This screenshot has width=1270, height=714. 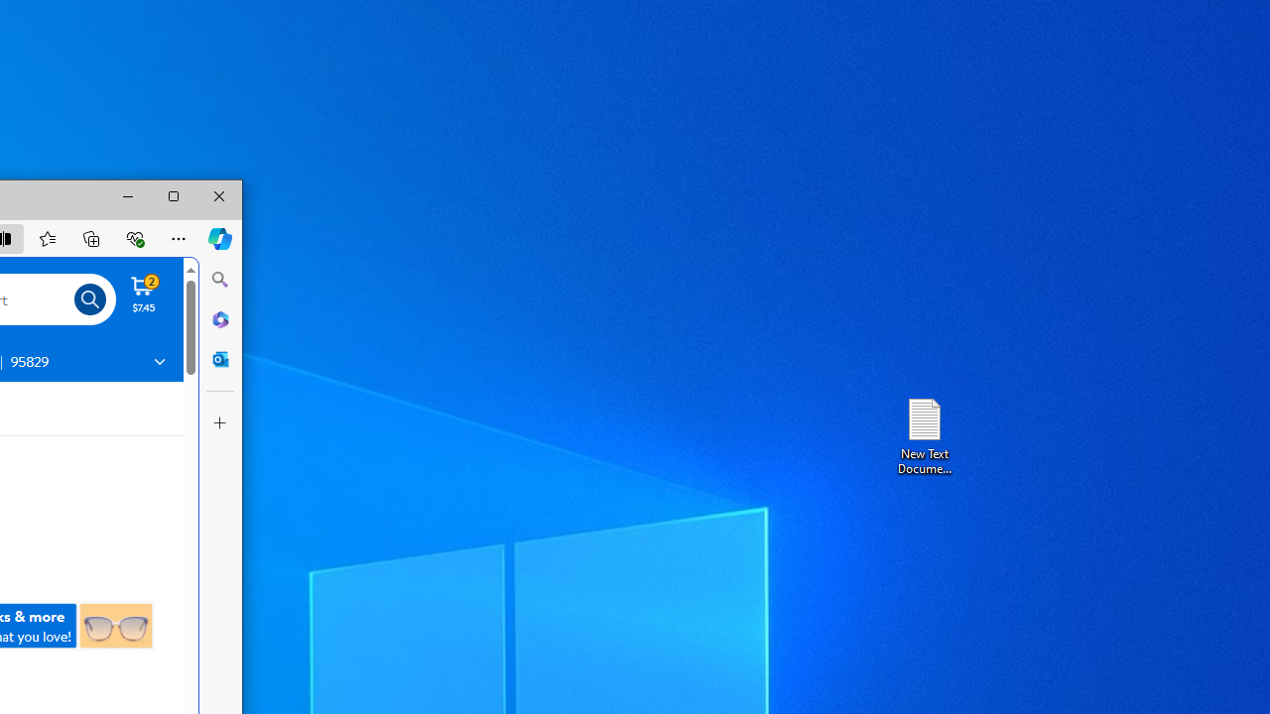 I want to click on 'New Text Document (2)', so click(x=923, y=434).